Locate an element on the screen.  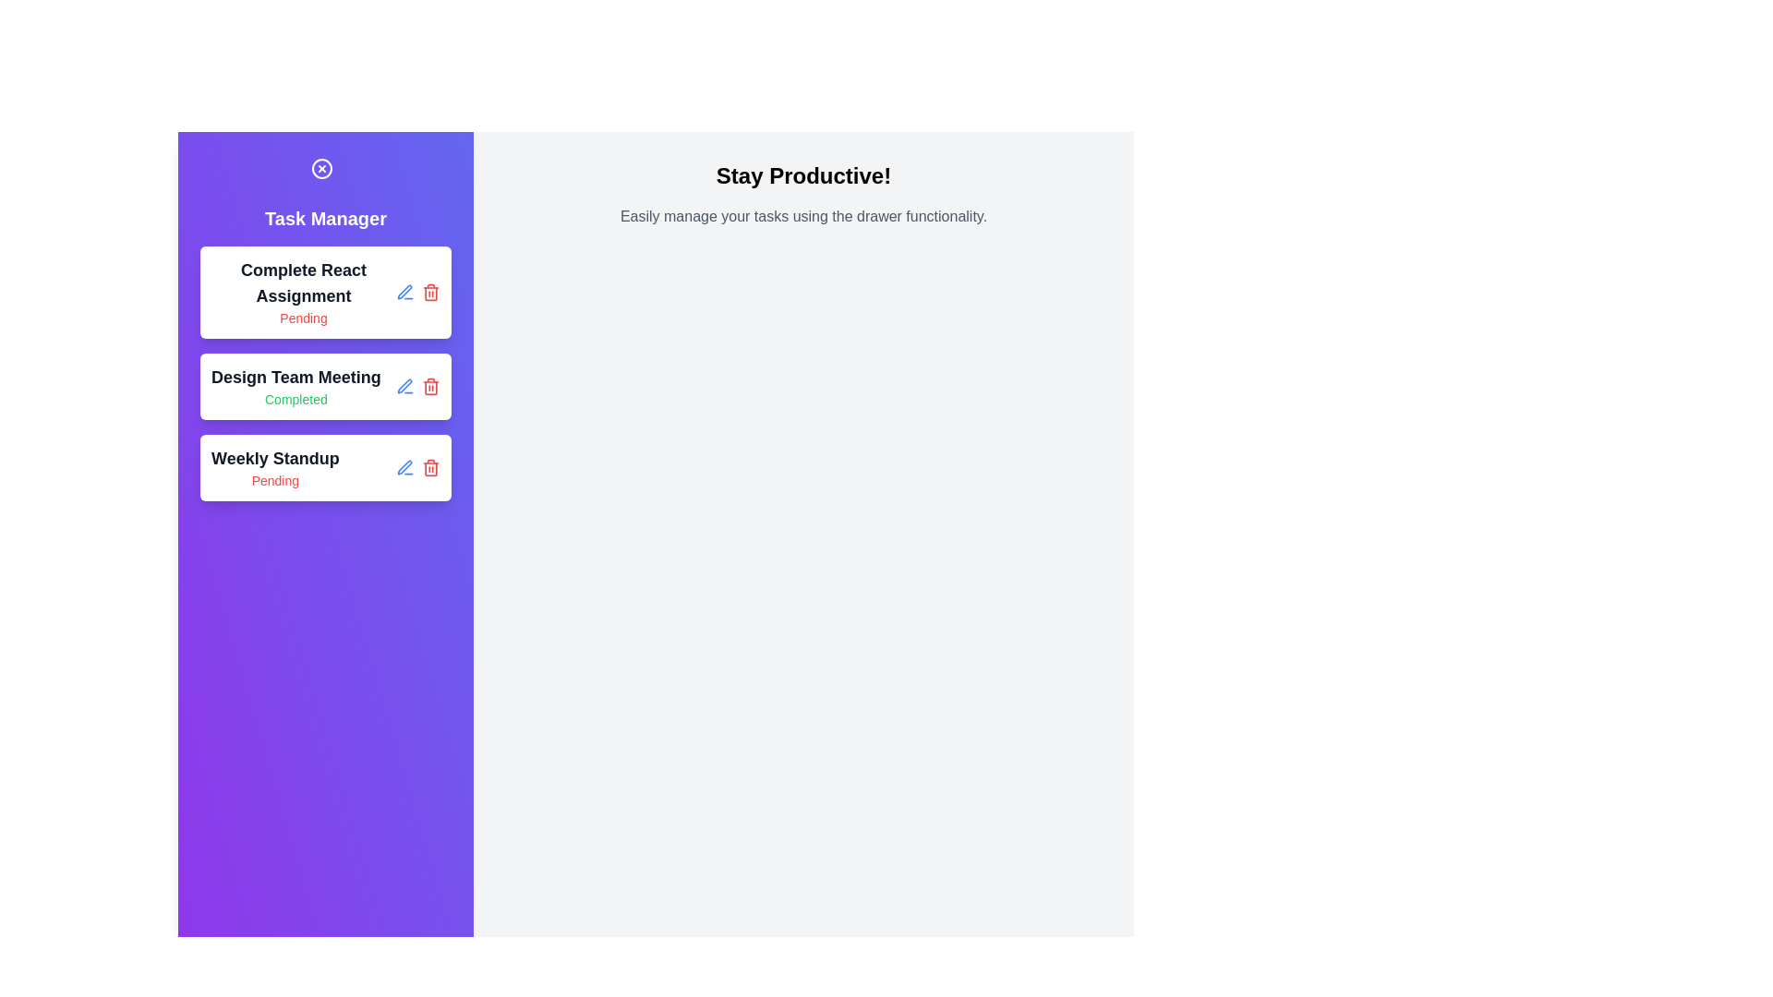
edit button for the task titled Weekly Standup is located at coordinates (404, 466).